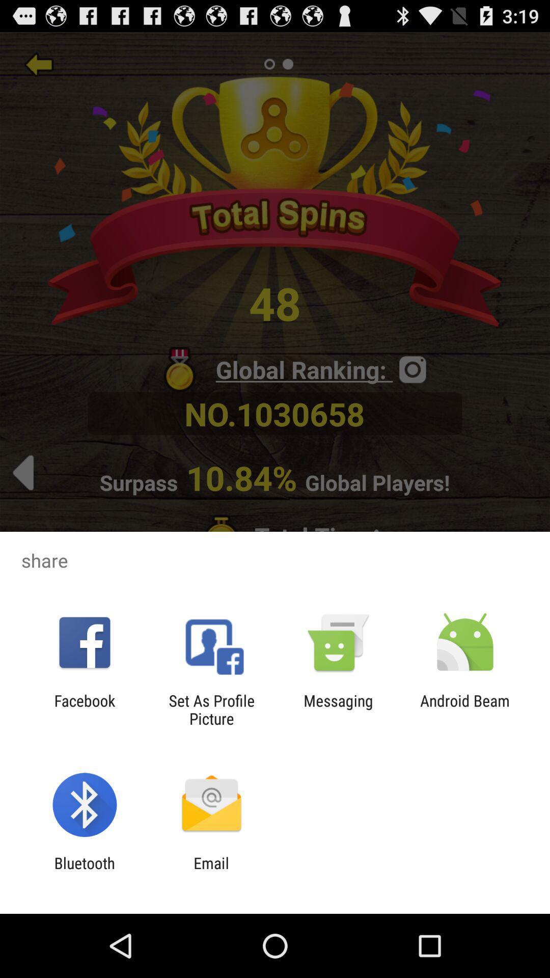  Describe the element at coordinates (465, 709) in the screenshot. I see `the android beam` at that location.